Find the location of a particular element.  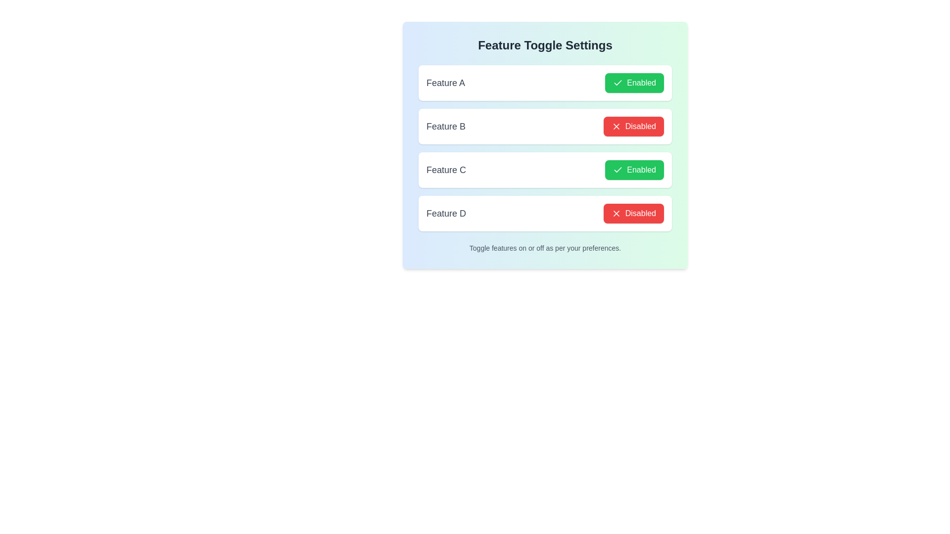

the green 'Enabled' button with a checkmark icon on the right side of the 'Feature C' row is located at coordinates (634, 169).